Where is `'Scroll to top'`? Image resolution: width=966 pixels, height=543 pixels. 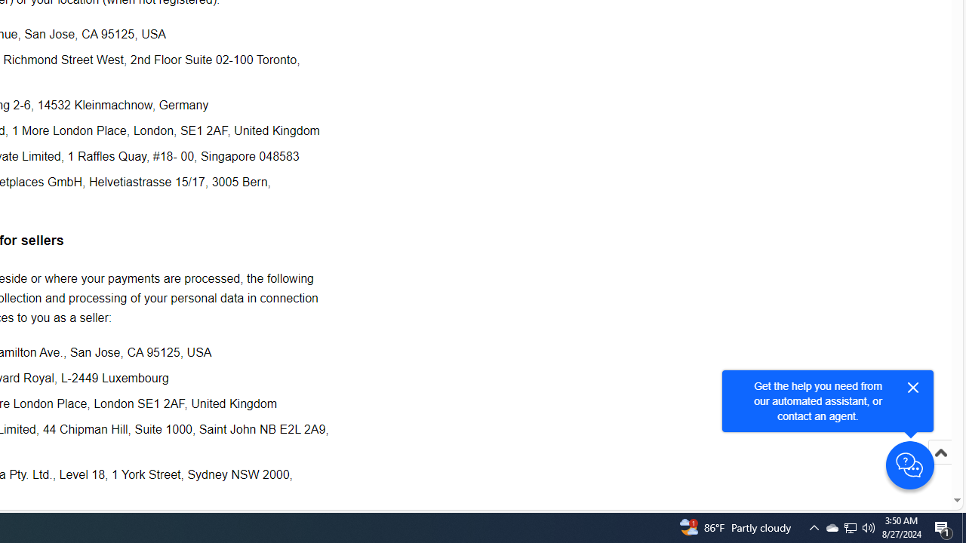
'Scroll to top' is located at coordinates (940, 468).